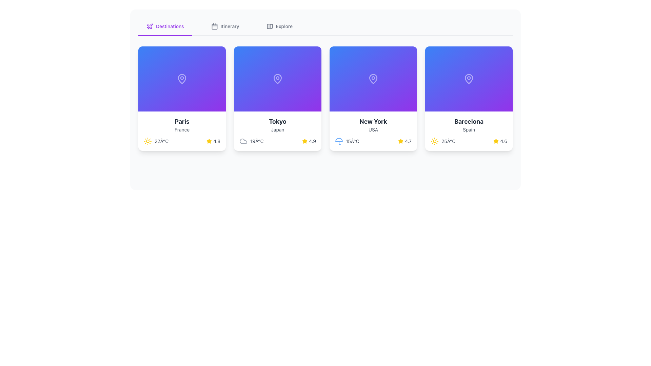 The height and width of the screenshot is (366, 651). What do you see at coordinates (165, 26) in the screenshot?
I see `the 'Destinations' navigation tab, which is the first item in the horizontal navigation bar and features a purple font with an airplane icon on the left side` at bounding box center [165, 26].